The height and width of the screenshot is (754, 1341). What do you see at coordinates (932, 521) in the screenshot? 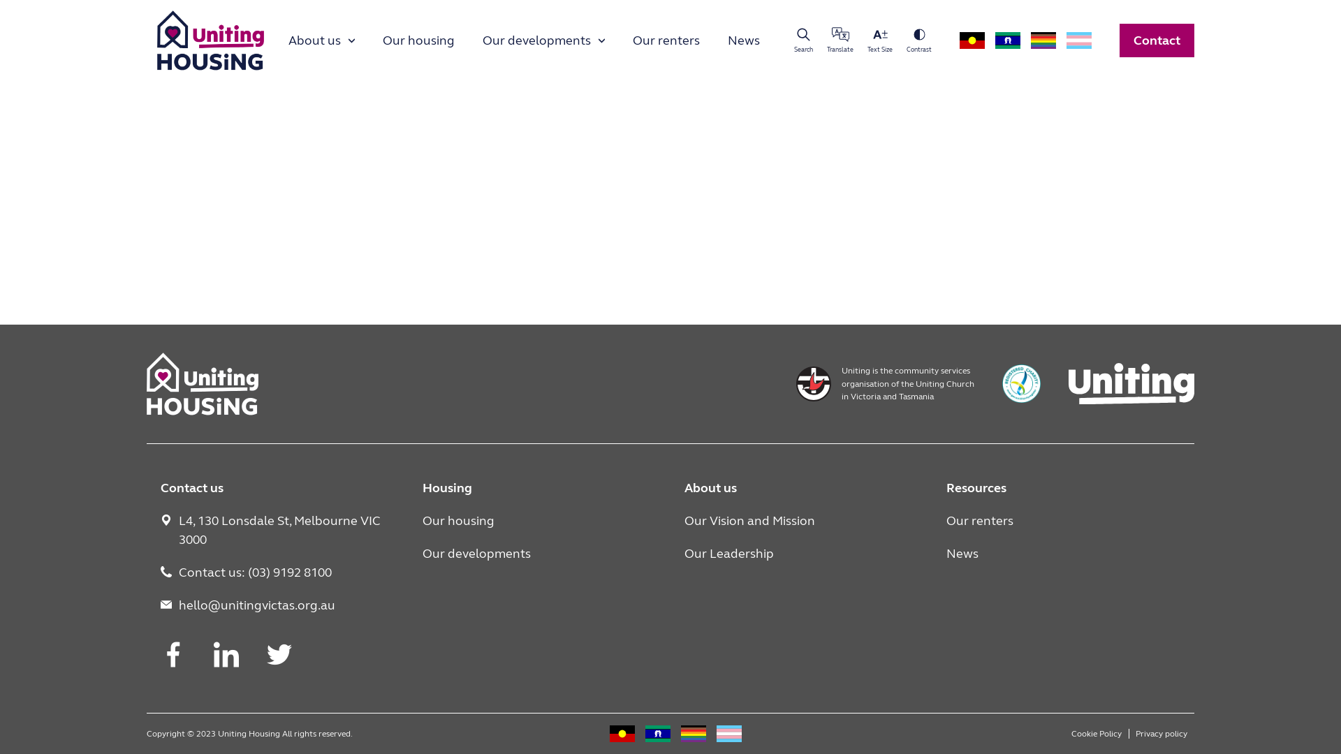
I see `'Our renters'` at bounding box center [932, 521].